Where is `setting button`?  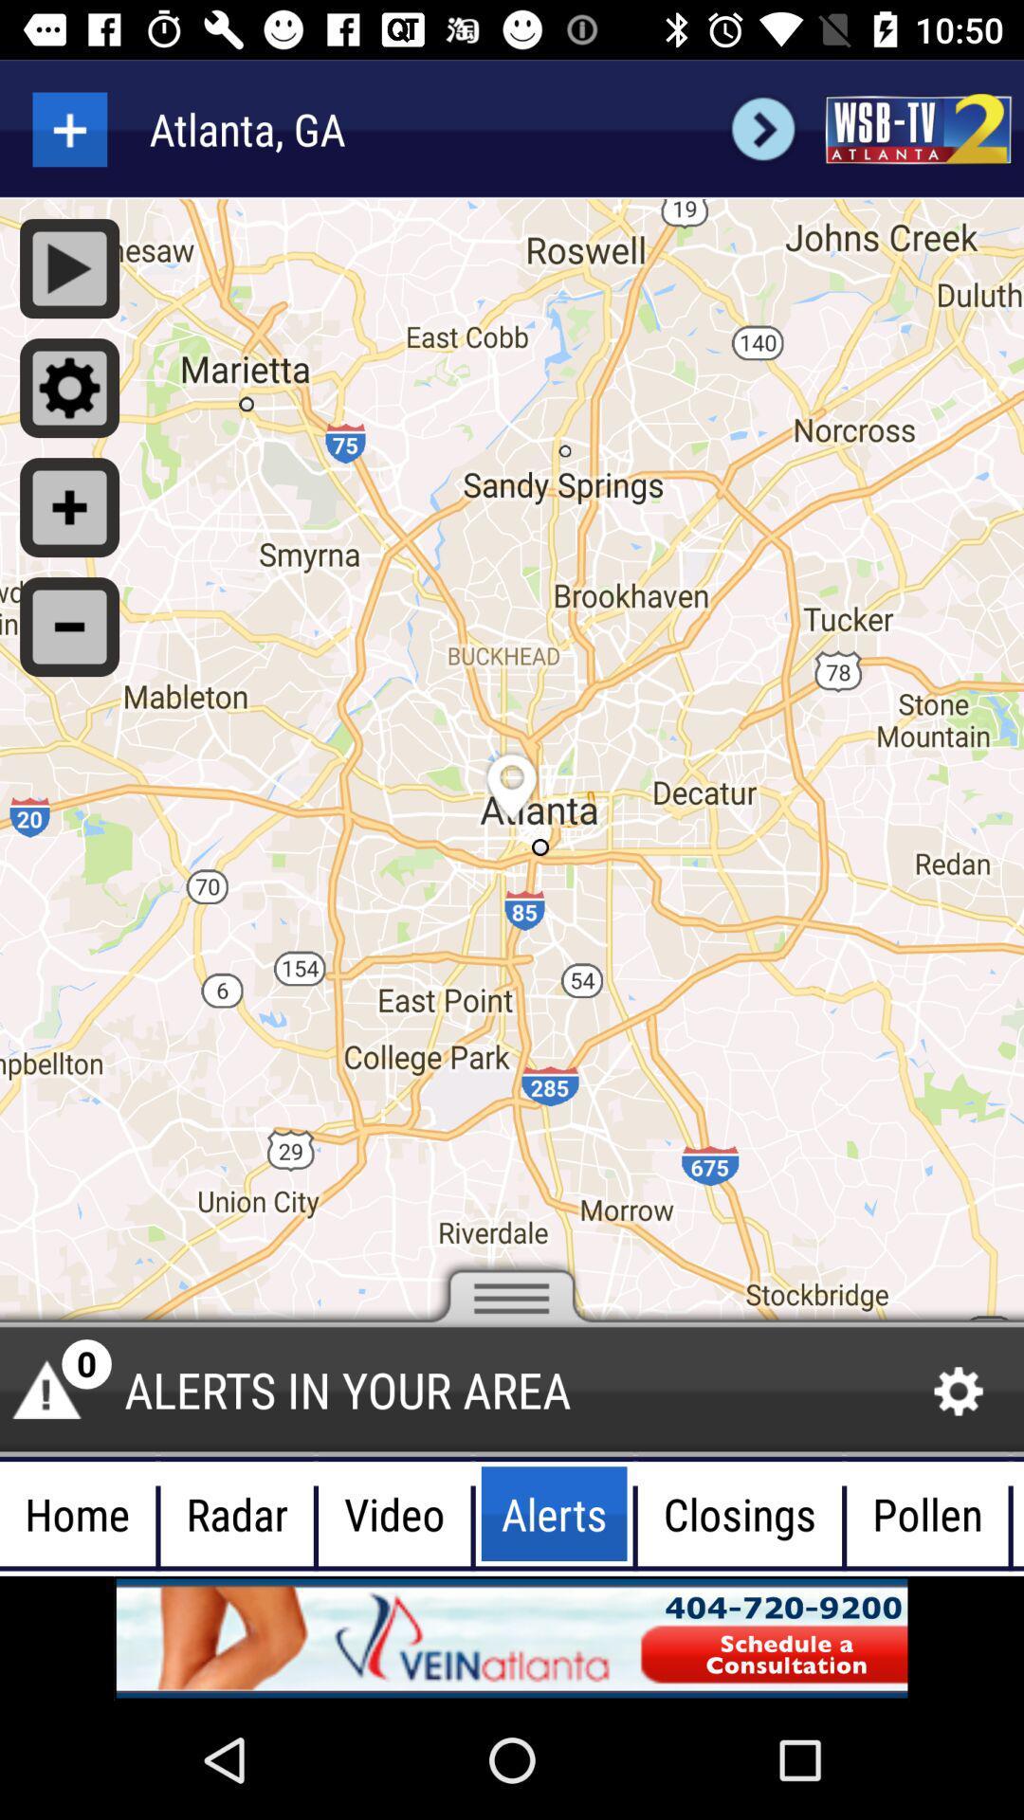
setting button is located at coordinates (68, 387).